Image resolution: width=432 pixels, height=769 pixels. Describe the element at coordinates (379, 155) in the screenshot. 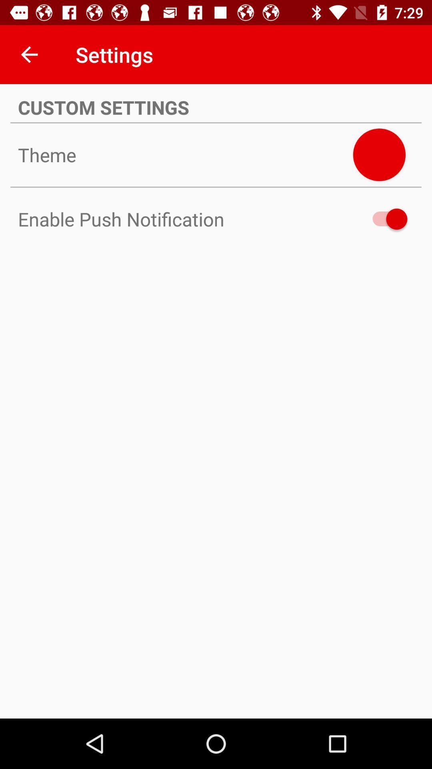

I see `enable push notification` at that location.